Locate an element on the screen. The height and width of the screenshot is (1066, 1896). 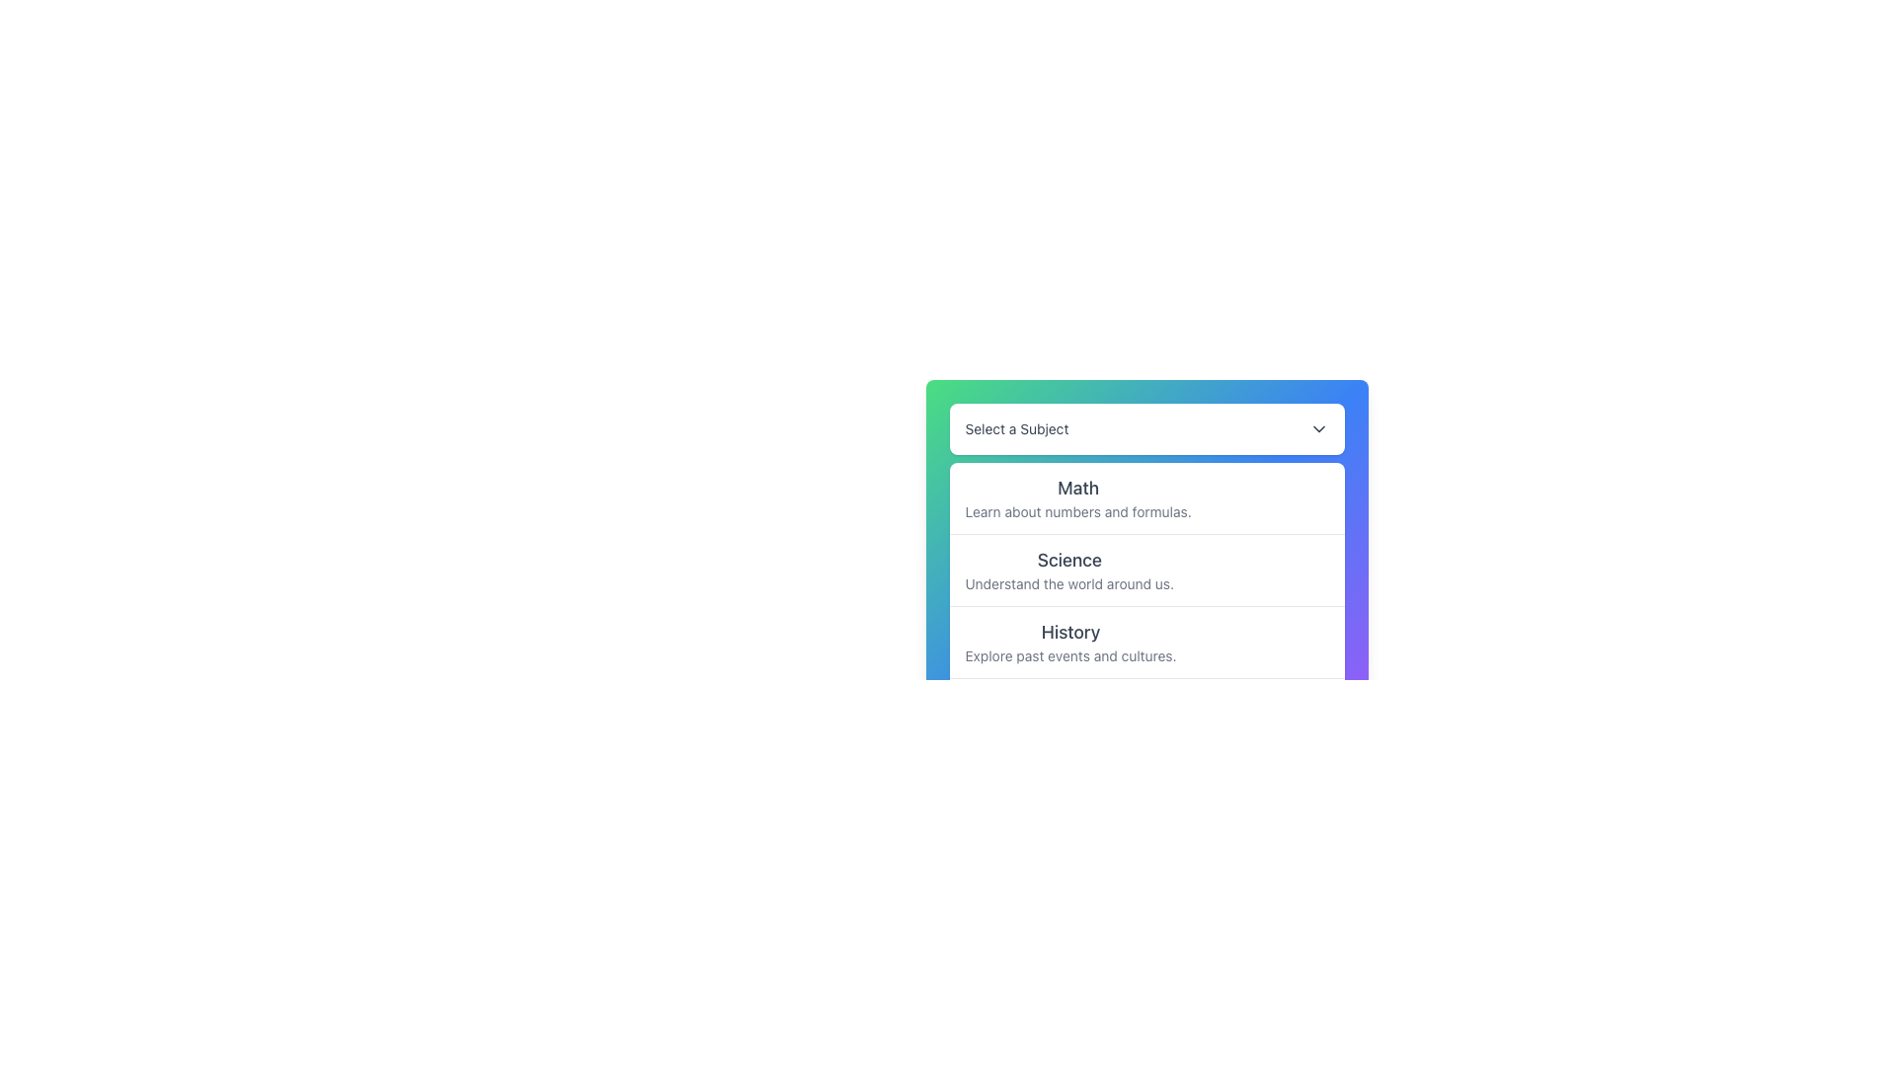
the 'Science' dropdown option, which has a white background and gray text is located at coordinates (1146, 576).